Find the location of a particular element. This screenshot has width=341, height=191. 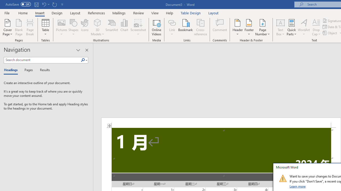

'Object...' is located at coordinates (330, 33).